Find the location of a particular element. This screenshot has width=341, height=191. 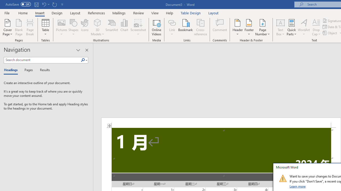

'Object...' is located at coordinates (330, 33).